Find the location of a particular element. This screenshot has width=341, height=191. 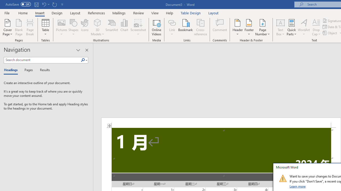

'Object...' is located at coordinates (330, 33).